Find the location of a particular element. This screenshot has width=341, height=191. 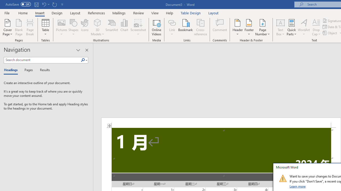

'Object...' is located at coordinates (330, 33).